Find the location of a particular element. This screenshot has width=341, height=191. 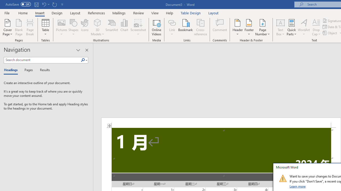

'Object...' is located at coordinates (330, 33).